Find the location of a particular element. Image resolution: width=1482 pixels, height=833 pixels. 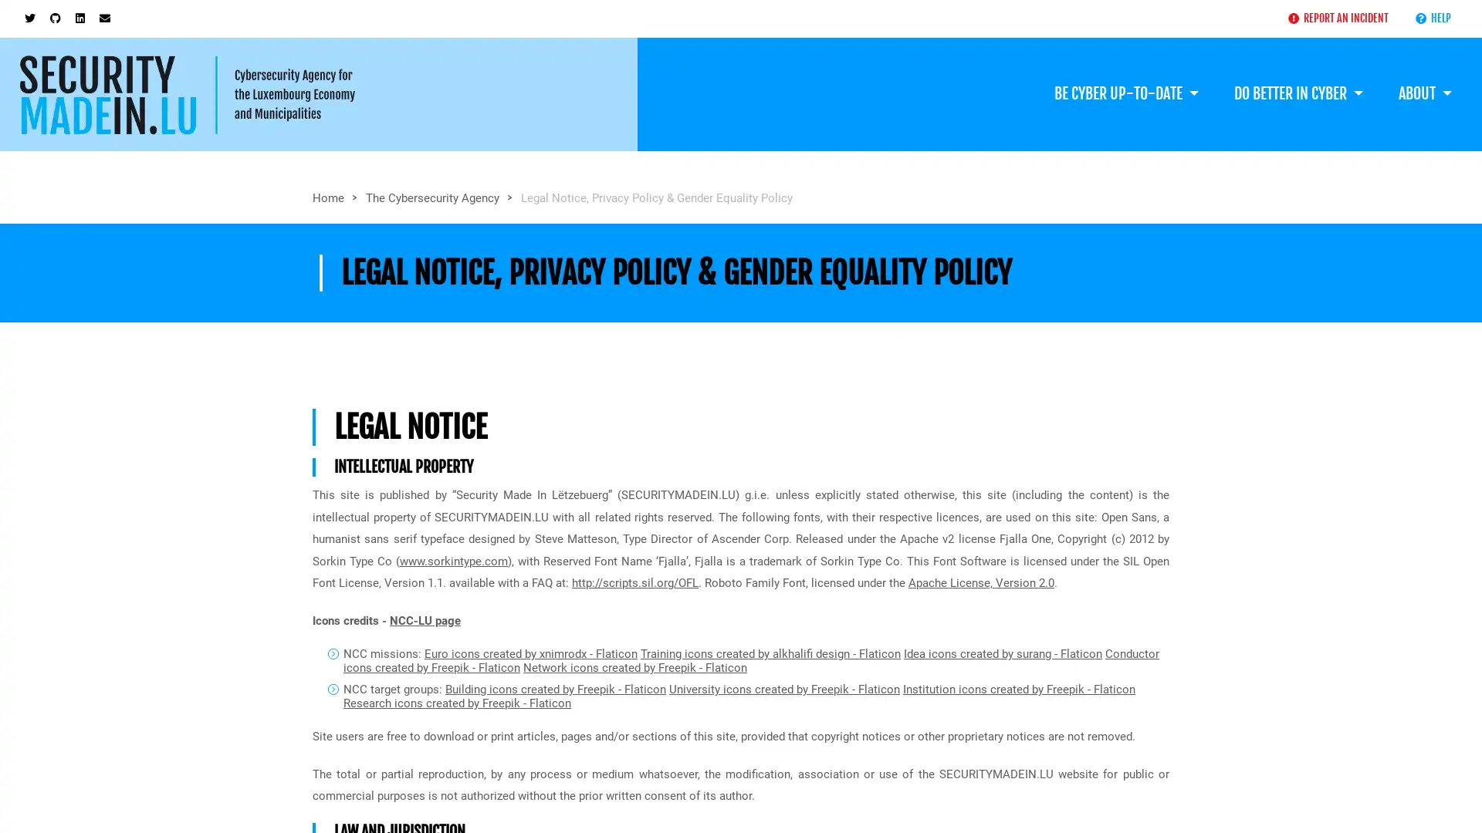

DO BETTER IN CYBER is located at coordinates (1297, 83).